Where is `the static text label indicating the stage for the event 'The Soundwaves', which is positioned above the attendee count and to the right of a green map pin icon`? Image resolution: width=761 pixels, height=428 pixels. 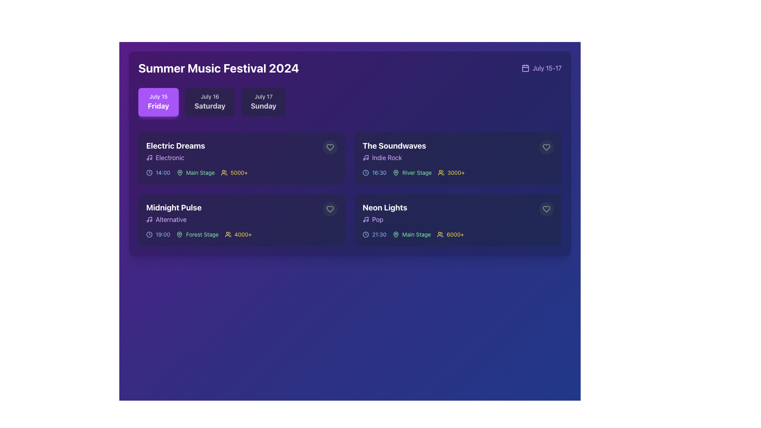 the static text label indicating the stage for the event 'The Soundwaves', which is positioned above the attendee count and to the right of a green map pin icon is located at coordinates (417, 172).